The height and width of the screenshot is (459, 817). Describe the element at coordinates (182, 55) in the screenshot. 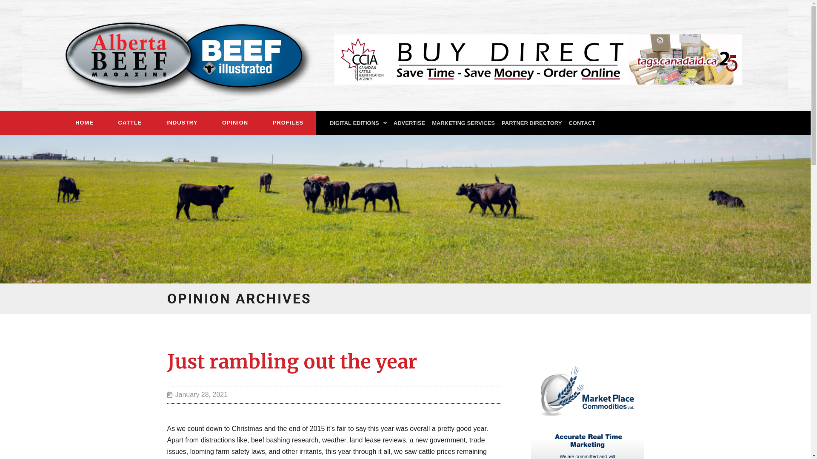

I see `'logo'` at that location.